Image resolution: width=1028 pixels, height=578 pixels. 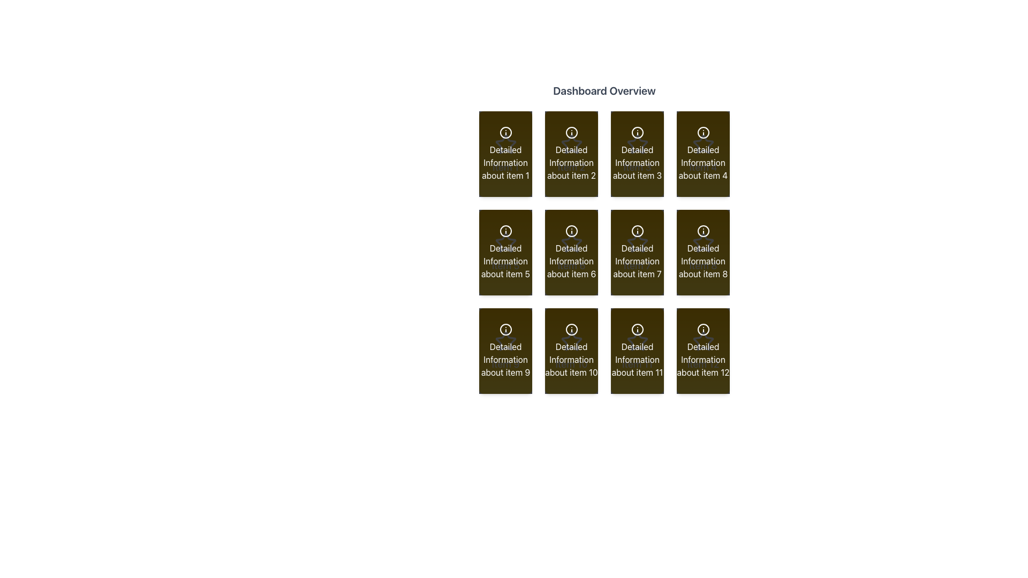 What do you see at coordinates (703, 265) in the screenshot?
I see `static text label that serves as the title for the card located in the second row and fourth column of the grid layout, positioned beneath an icon and above descriptive text` at bounding box center [703, 265].